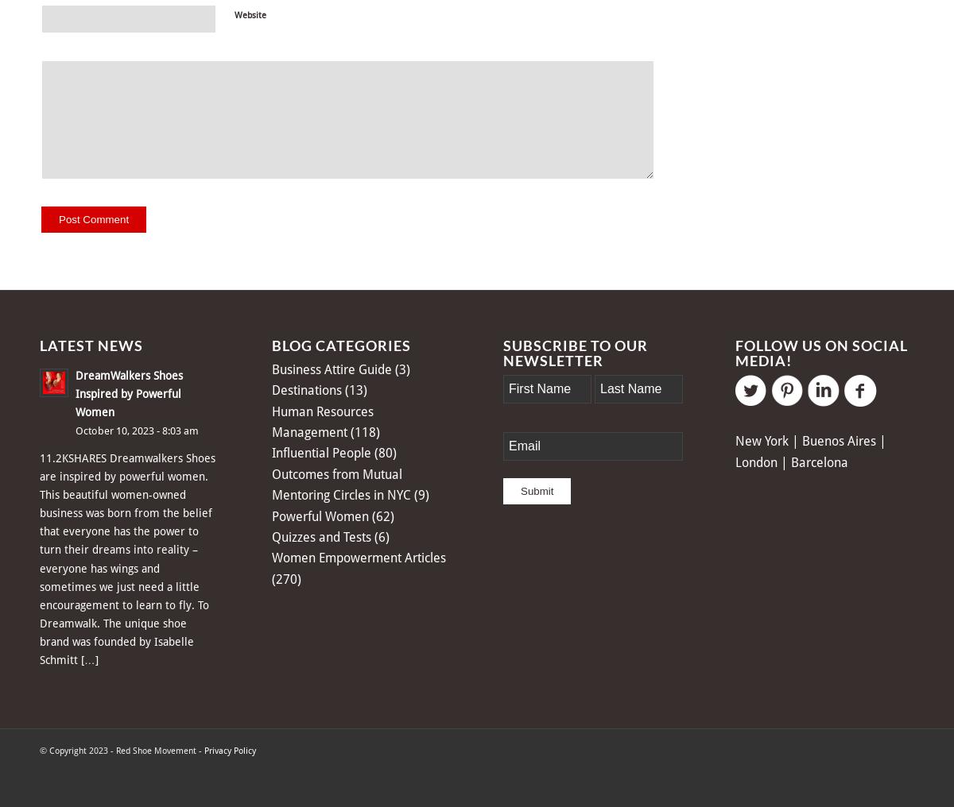 The image size is (954, 807). Describe the element at coordinates (250, 14) in the screenshot. I see `'Website'` at that location.